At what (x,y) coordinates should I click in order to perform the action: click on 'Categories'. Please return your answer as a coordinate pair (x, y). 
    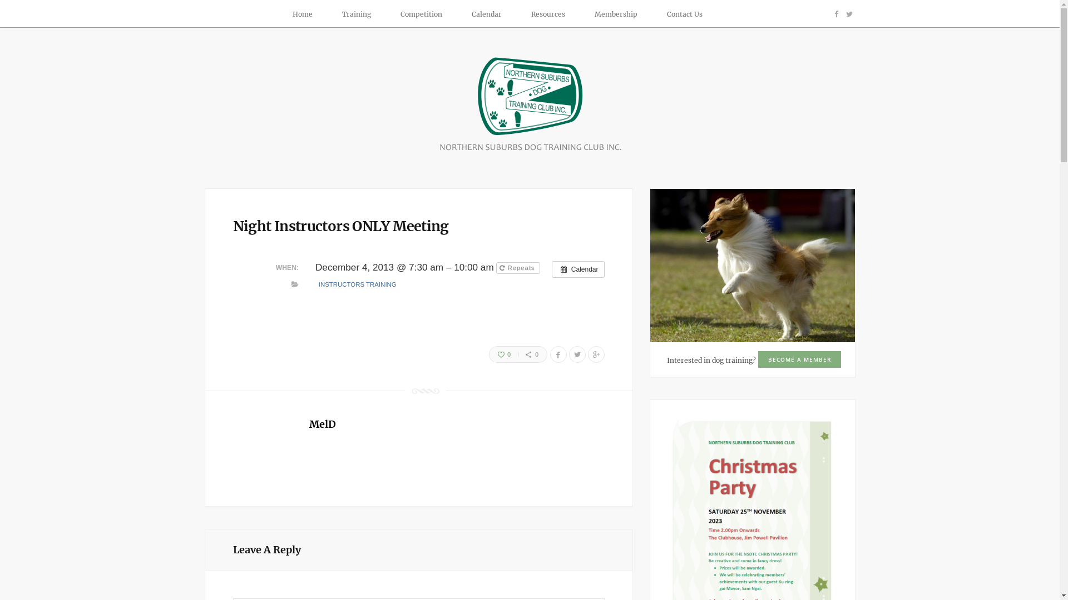
    Looking at the image, I should click on (295, 284).